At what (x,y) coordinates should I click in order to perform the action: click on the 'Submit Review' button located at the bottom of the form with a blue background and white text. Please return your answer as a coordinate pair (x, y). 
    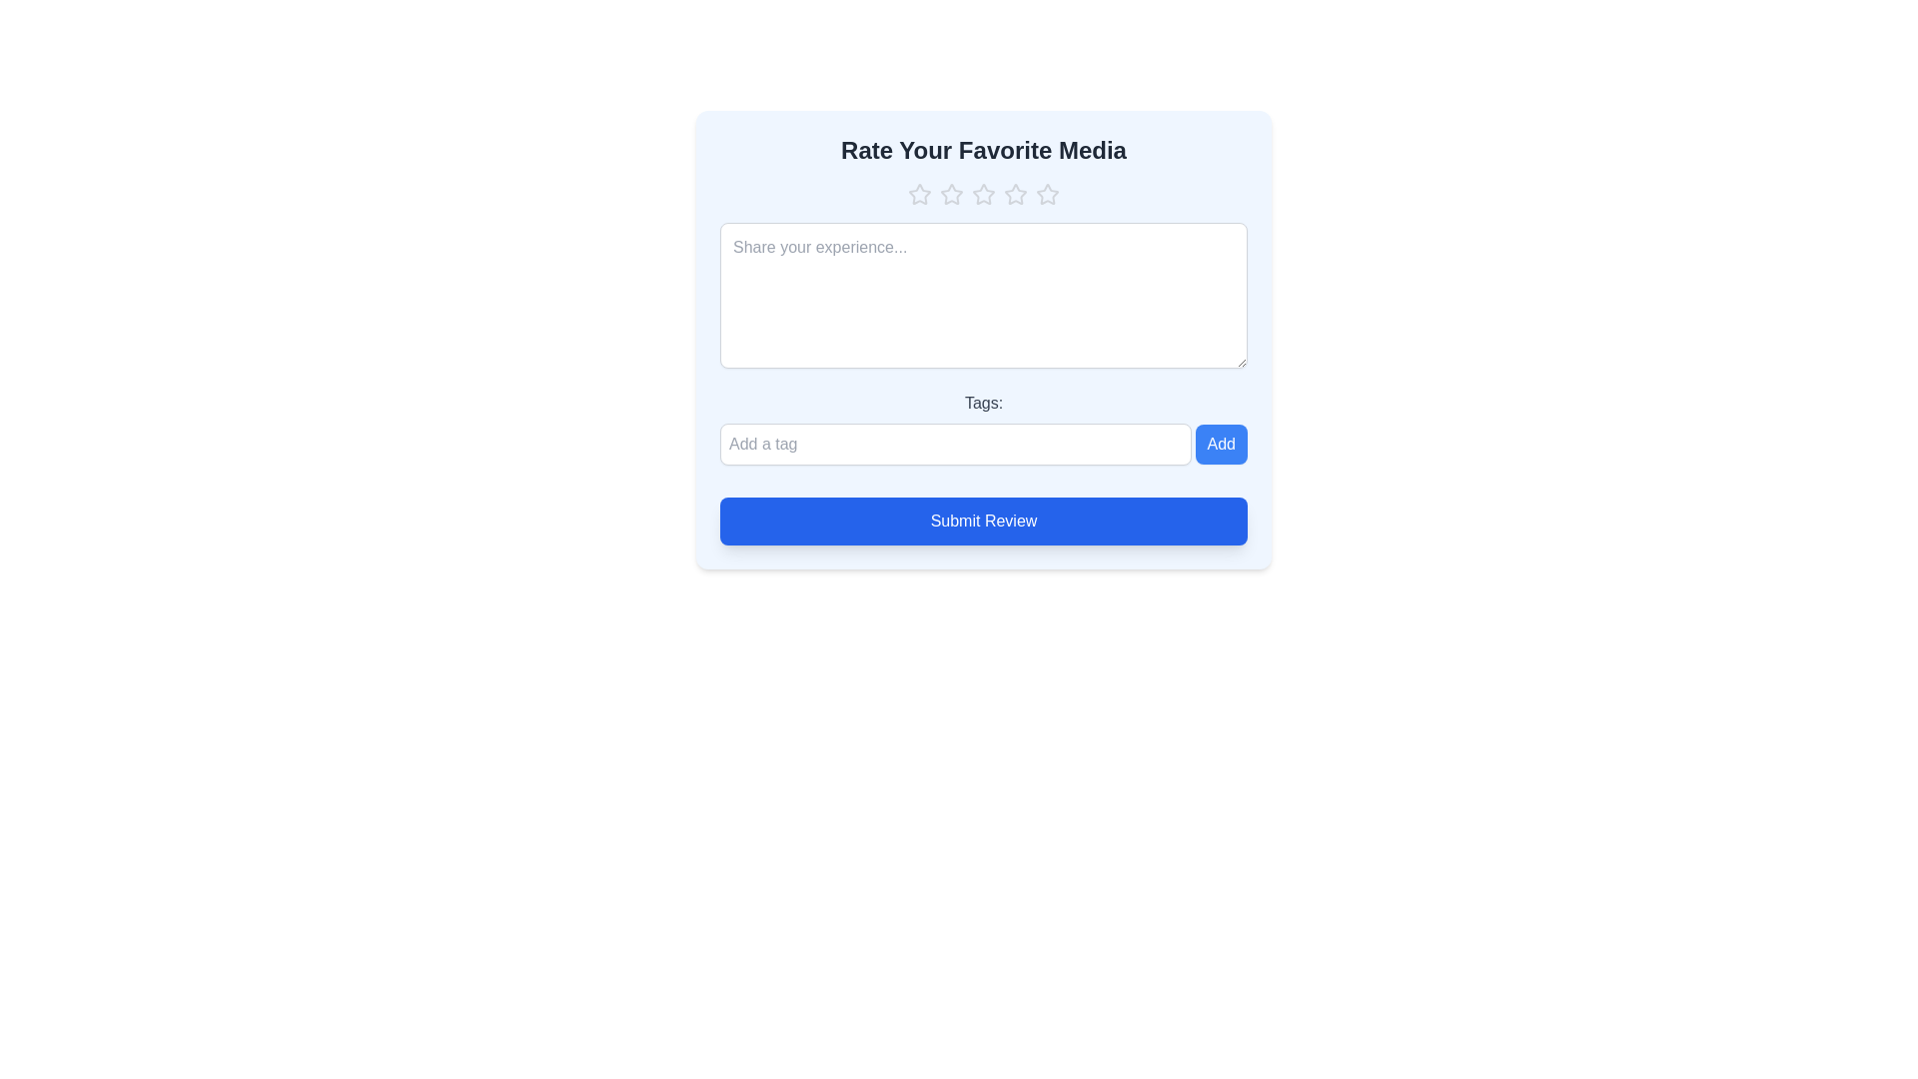
    Looking at the image, I should click on (983, 520).